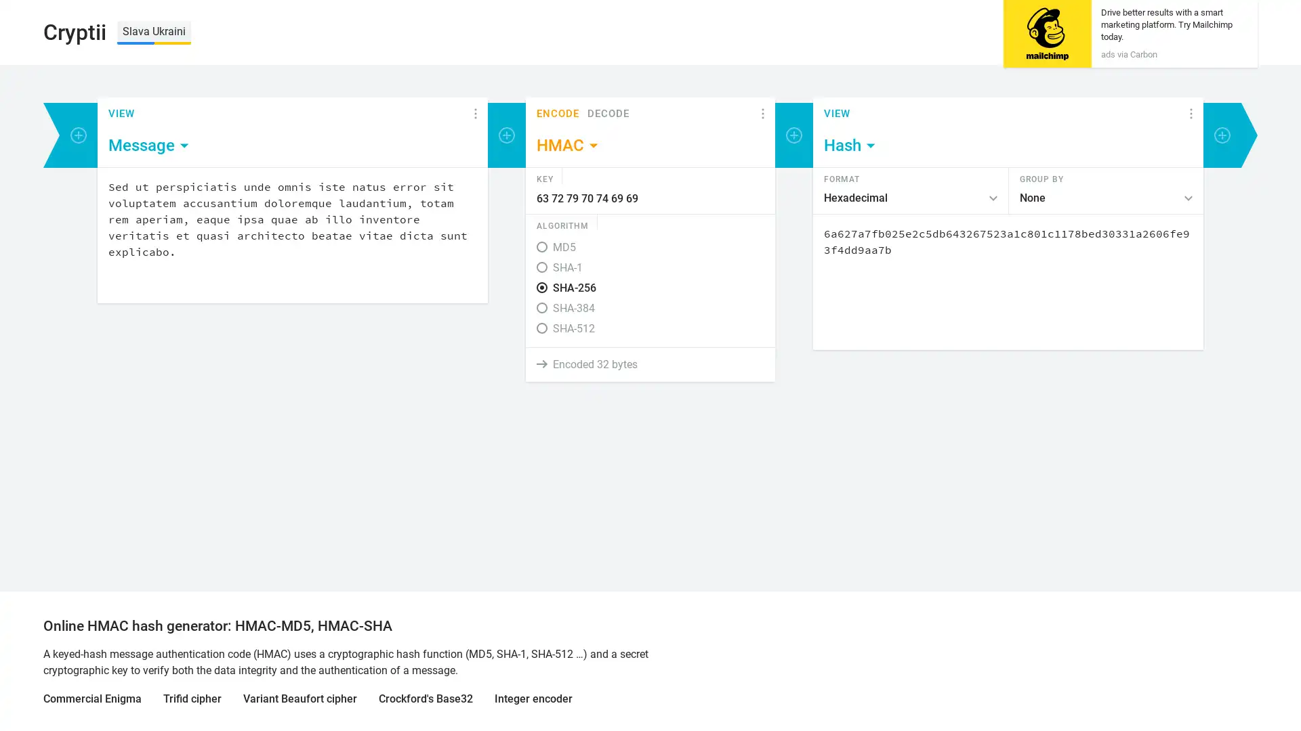  What do you see at coordinates (793, 135) in the screenshot?
I see `Add encoder or viewer` at bounding box center [793, 135].